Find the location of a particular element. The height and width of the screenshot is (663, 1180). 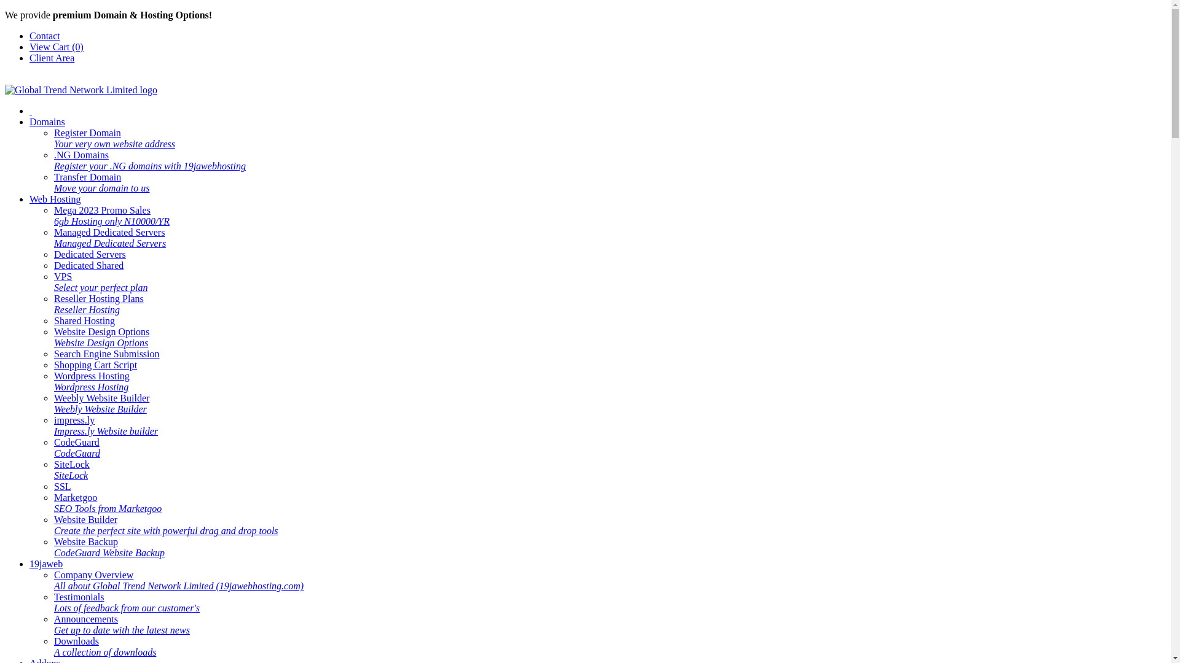

'Website Design Options is located at coordinates (101, 337).